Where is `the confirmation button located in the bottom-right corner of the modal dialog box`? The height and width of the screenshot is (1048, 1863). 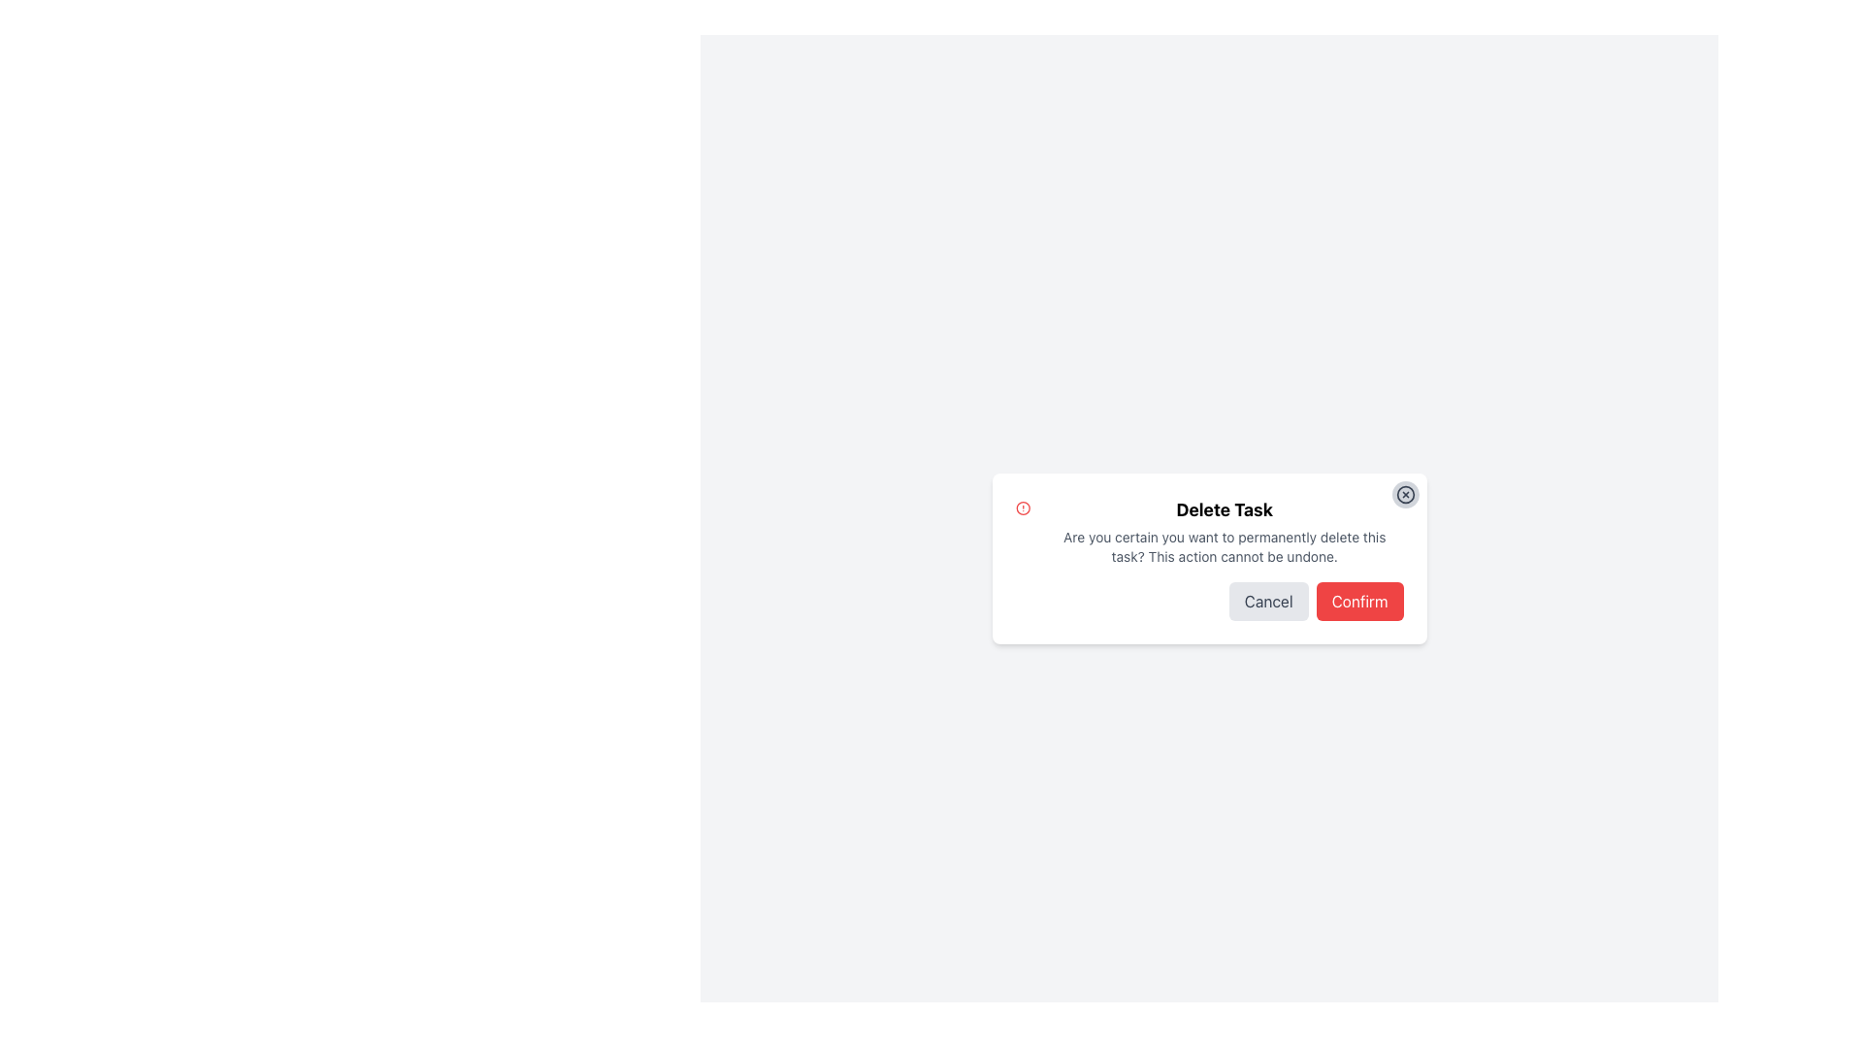 the confirmation button located in the bottom-right corner of the modal dialog box is located at coordinates (1358, 601).